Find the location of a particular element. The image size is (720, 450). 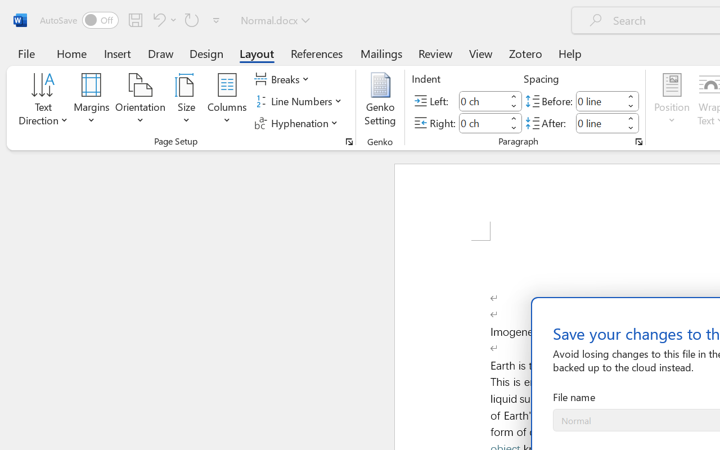

'Spacing After' is located at coordinates (599, 123).